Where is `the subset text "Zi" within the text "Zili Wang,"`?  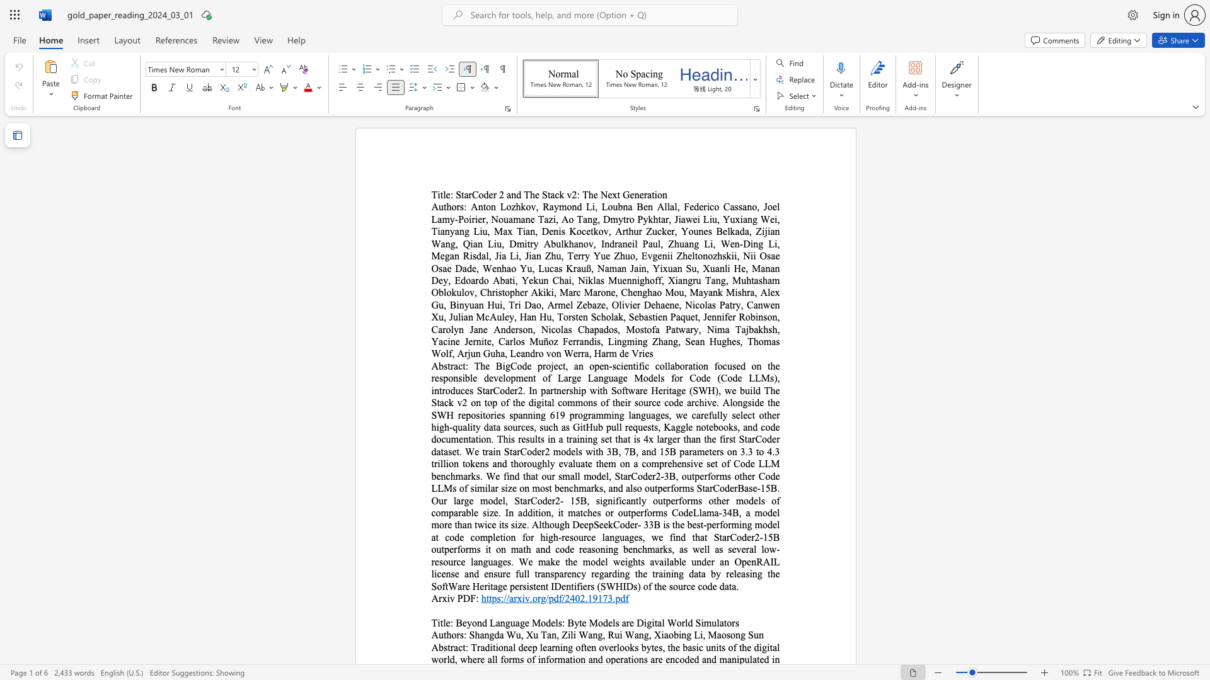
the subset text "Zi" within the text "Zili Wang," is located at coordinates (561, 635).